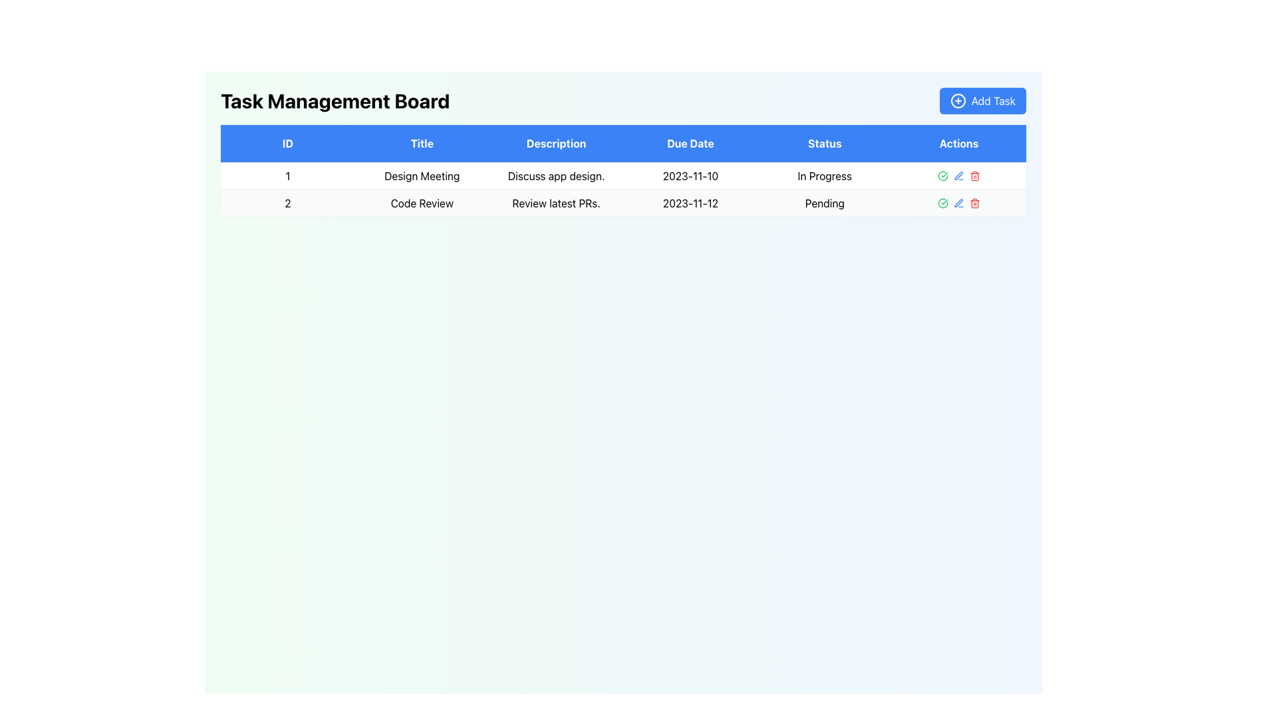  What do you see at coordinates (690, 203) in the screenshot?
I see `the text label displaying '2023-11-12' located in the 'Due Date' column of the second row in the 'Task Management Board' table` at bounding box center [690, 203].